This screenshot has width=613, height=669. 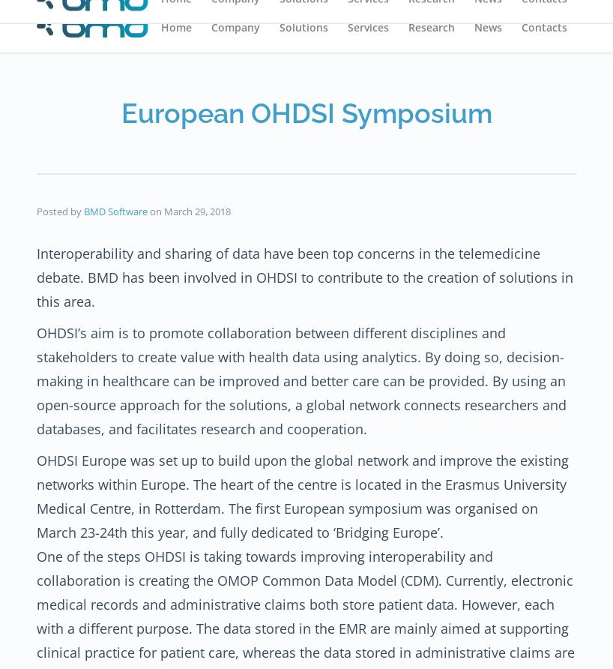 I want to click on 'OHDSI Europe was set up to build upon the global network and improve the existing networks within Europe. The heart of the centre is located in the Erasmus University Medical Centre, in Rotterdam. The first European symposium was organised on March 23-24th this year, and fully dedicated to ‘Bridging Europe’.', so click(x=303, y=494).